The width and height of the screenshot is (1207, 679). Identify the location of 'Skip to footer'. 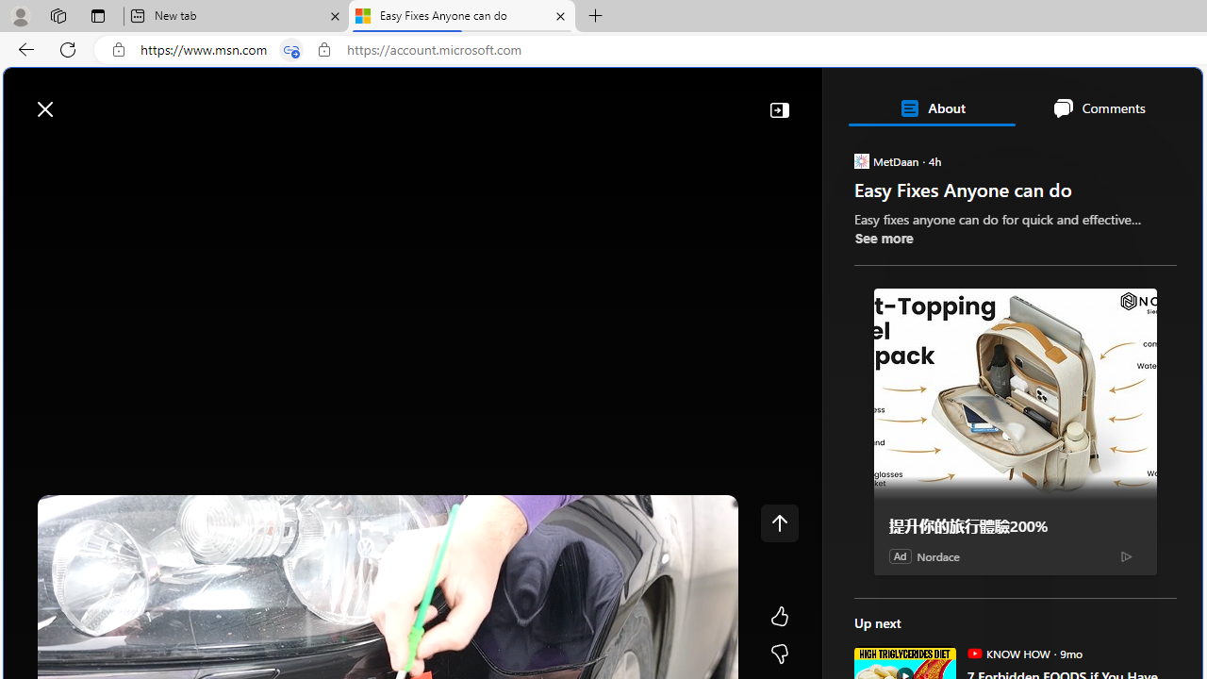
(76, 99).